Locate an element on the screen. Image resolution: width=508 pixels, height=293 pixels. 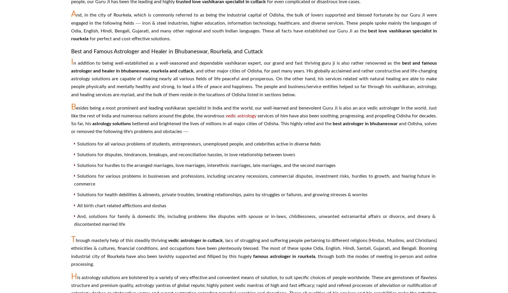
'vedic astrology' is located at coordinates (241, 115).